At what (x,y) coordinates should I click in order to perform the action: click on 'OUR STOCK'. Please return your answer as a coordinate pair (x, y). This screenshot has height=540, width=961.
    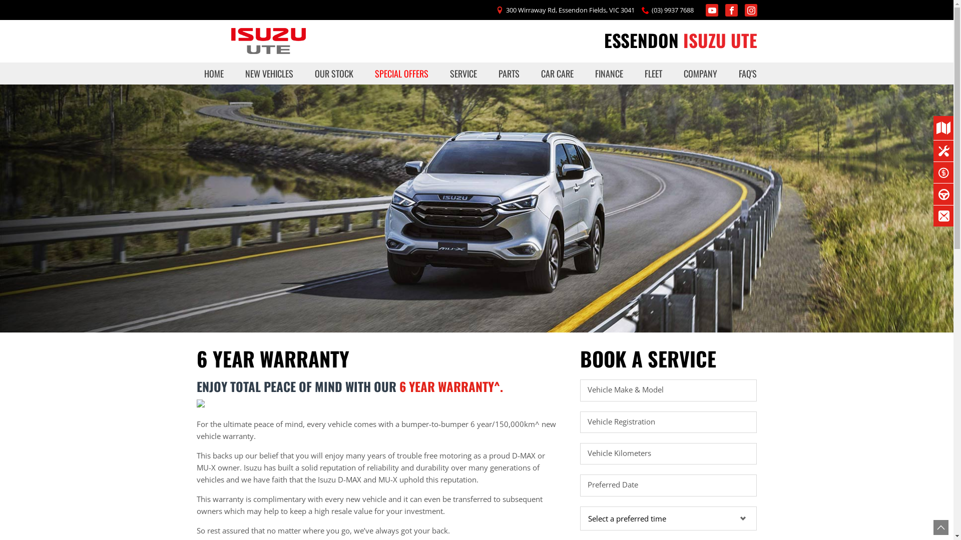
    Looking at the image, I should click on (334, 72).